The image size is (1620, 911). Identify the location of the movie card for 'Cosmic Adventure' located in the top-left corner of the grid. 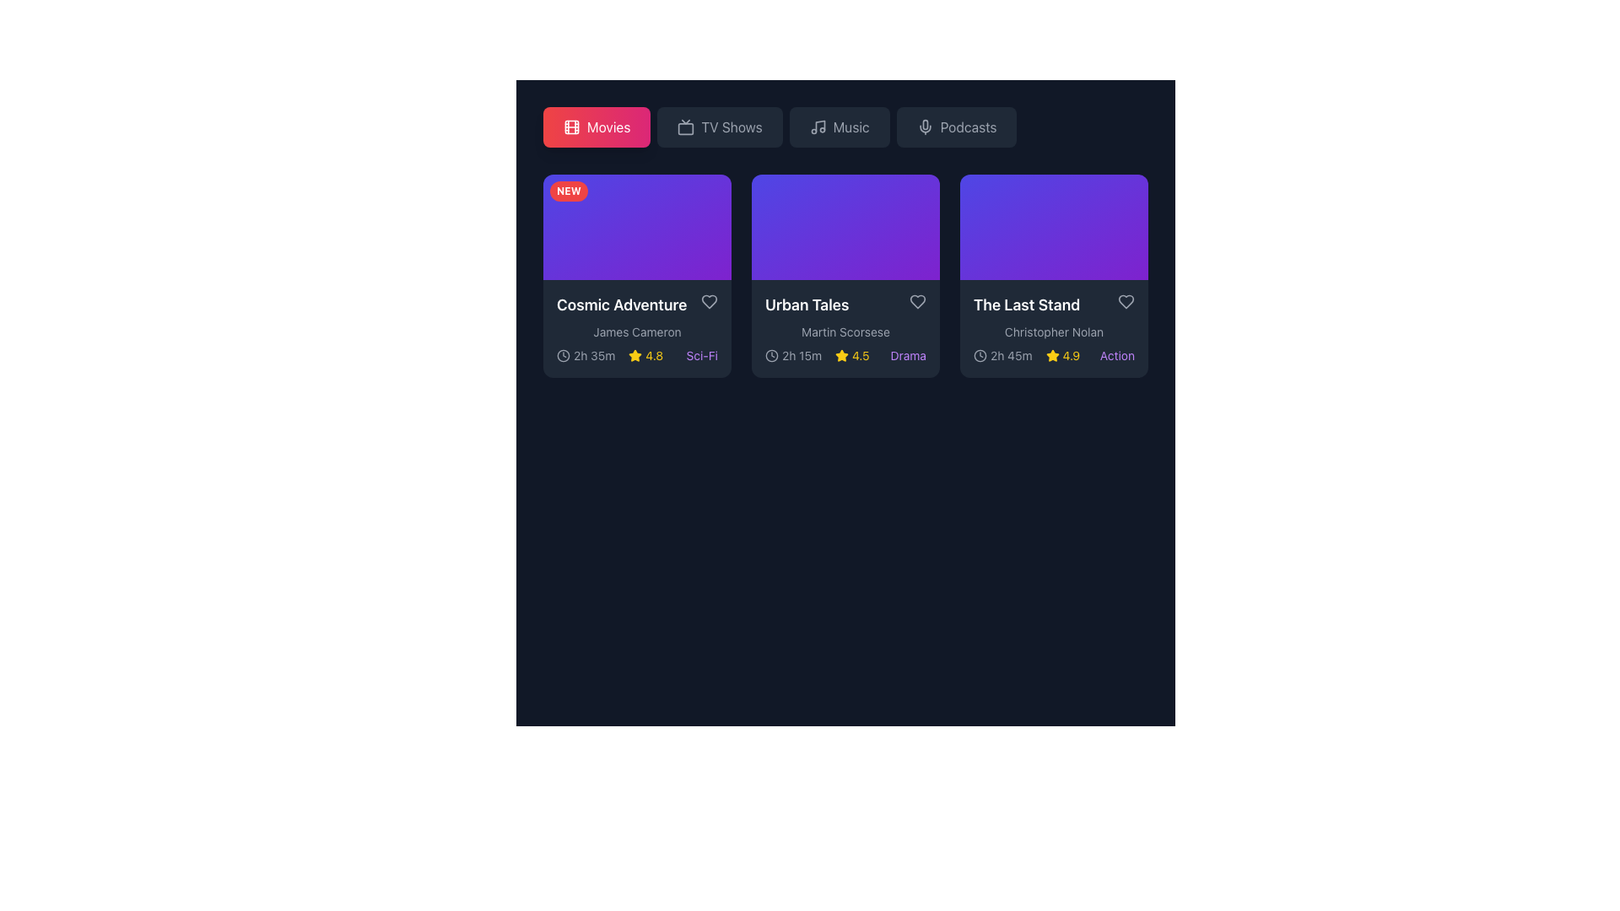
(636, 275).